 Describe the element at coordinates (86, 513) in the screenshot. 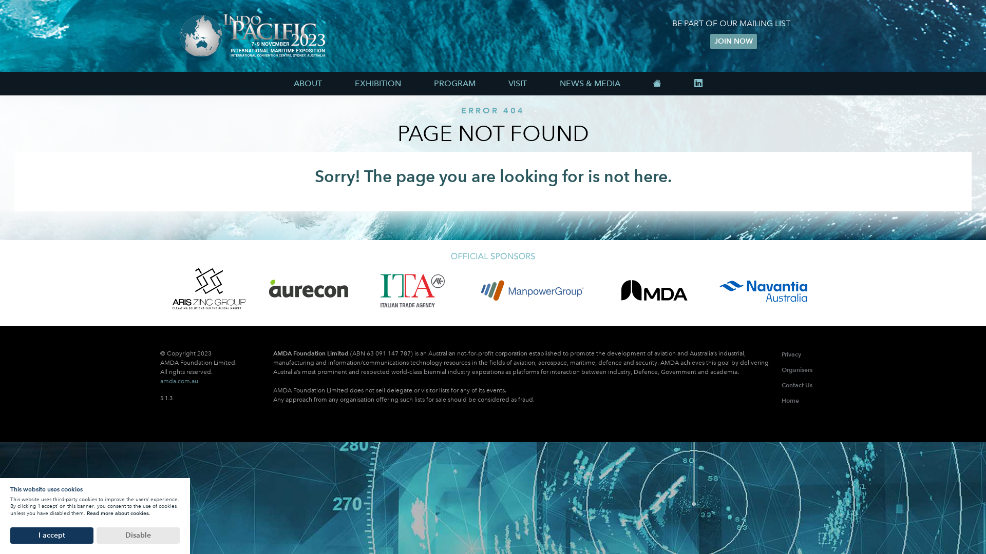

I see `'Read more about cookies.'` at that location.